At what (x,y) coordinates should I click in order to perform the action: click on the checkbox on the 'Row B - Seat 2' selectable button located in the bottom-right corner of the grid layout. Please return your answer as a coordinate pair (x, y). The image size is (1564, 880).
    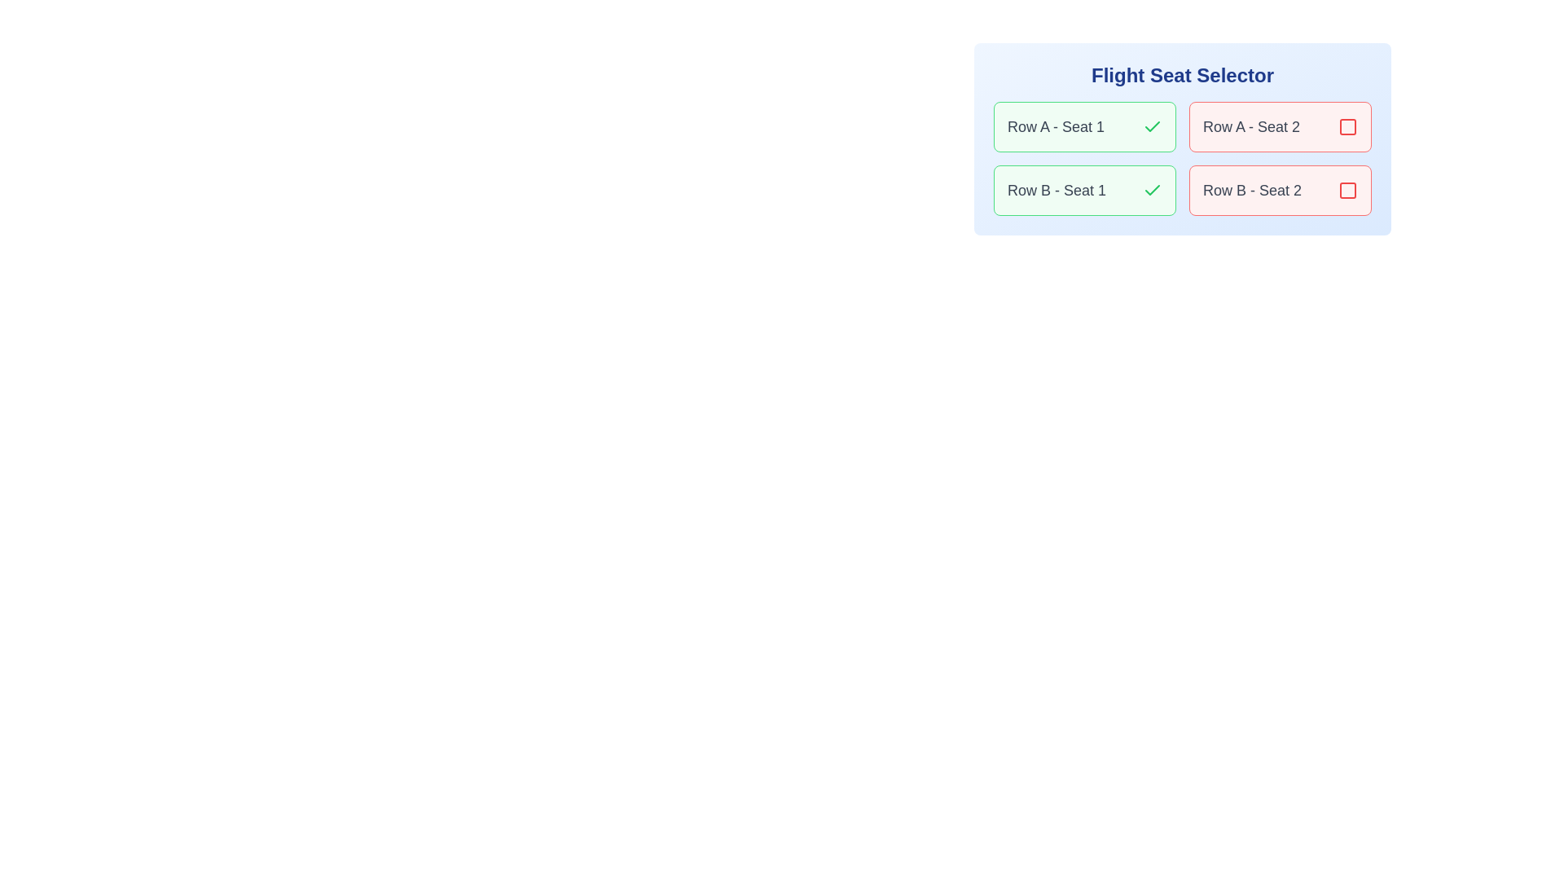
    Looking at the image, I should click on (1279, 190).